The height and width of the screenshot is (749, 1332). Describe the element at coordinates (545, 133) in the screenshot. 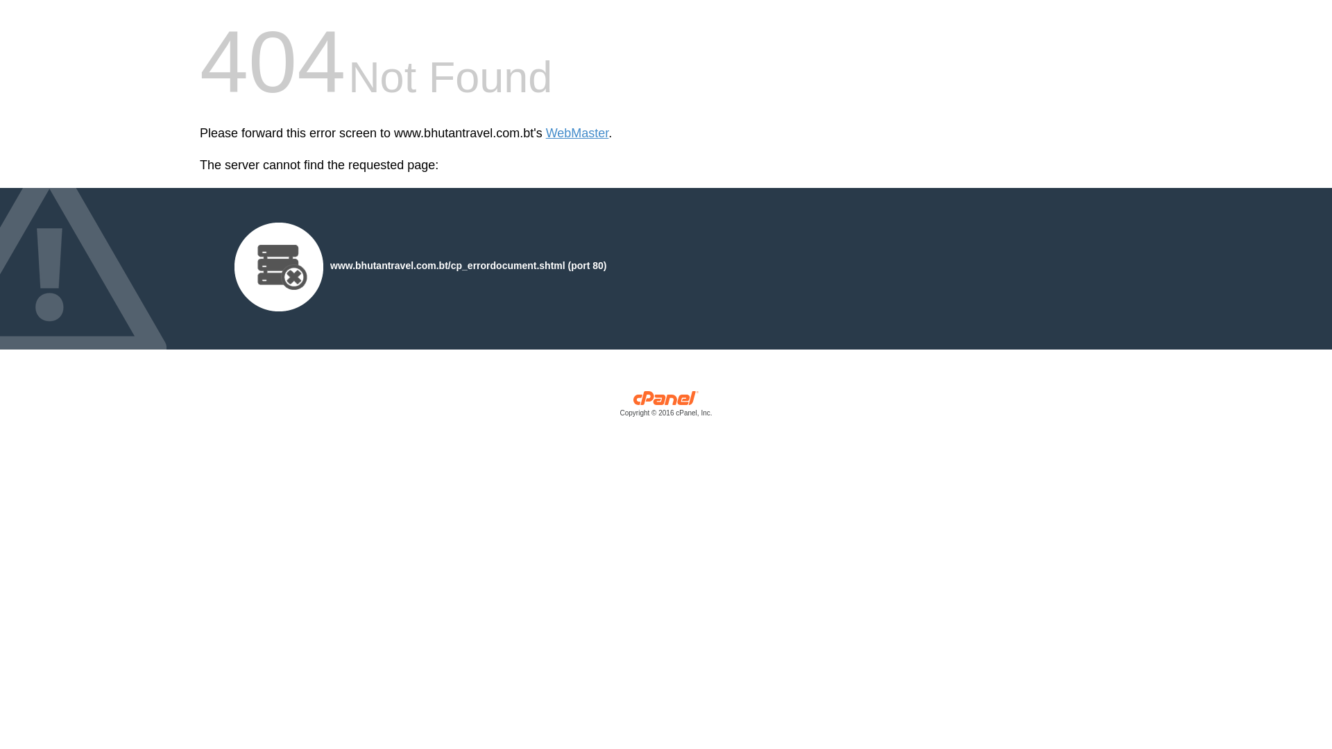

I see `'WebMaster'` at that location.